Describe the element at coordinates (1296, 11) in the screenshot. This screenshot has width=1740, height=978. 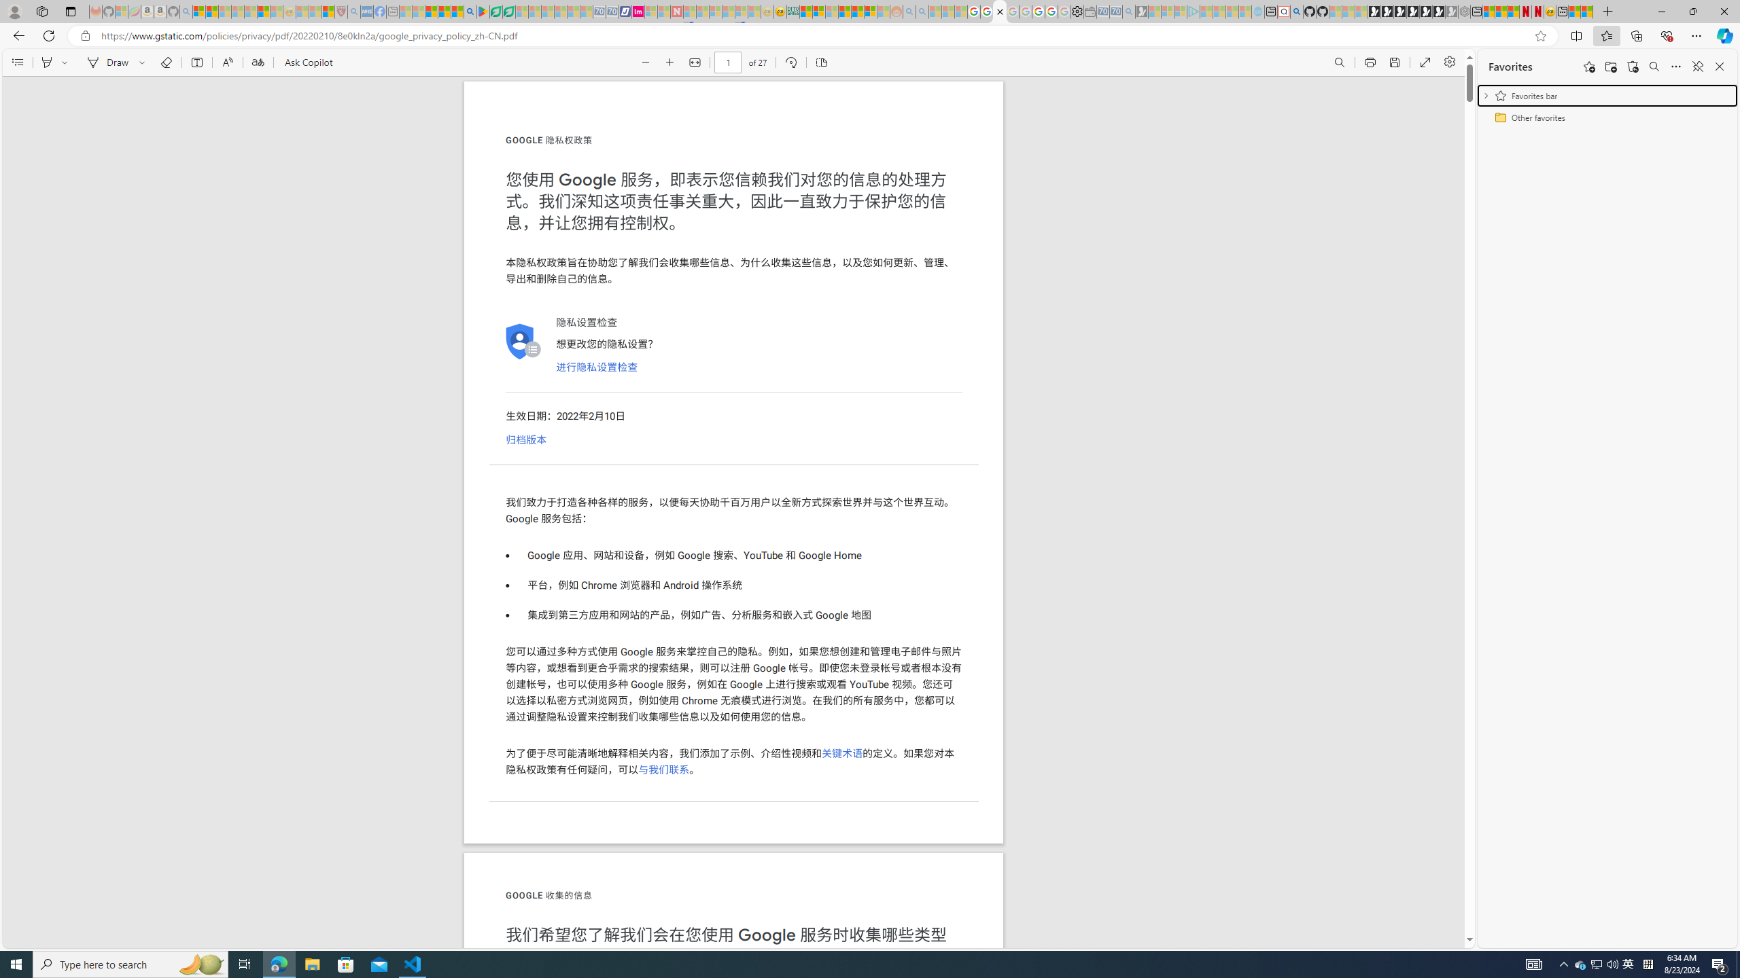
I see `'github - Search'` at that location.